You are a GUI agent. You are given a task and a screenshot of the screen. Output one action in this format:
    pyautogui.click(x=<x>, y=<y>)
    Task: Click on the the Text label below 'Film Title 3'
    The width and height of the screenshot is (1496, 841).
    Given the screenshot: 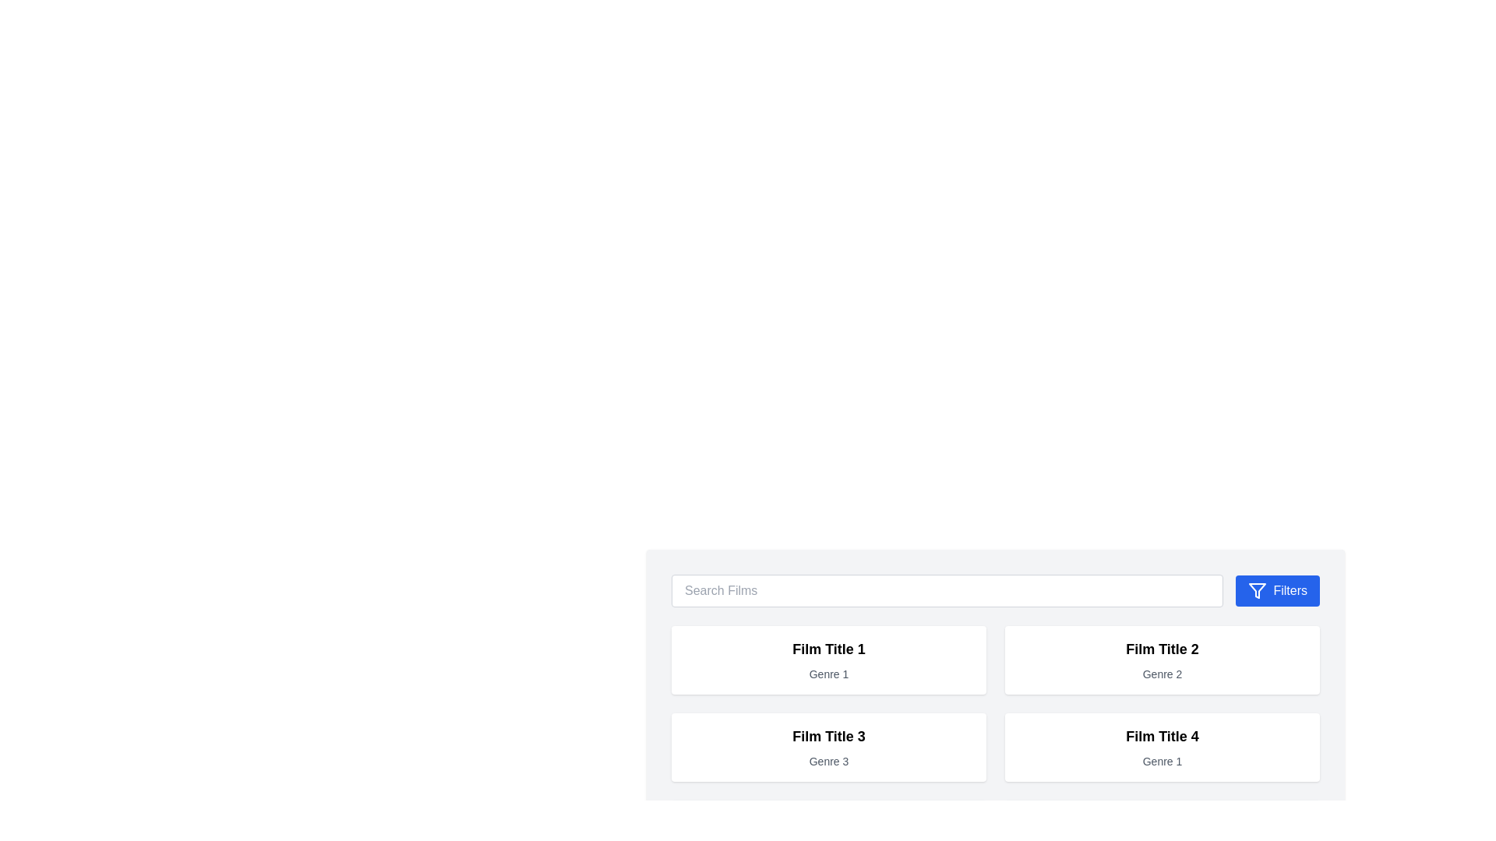 What is the action you would take?
    pyautogui.click(x=828, y=761)
    